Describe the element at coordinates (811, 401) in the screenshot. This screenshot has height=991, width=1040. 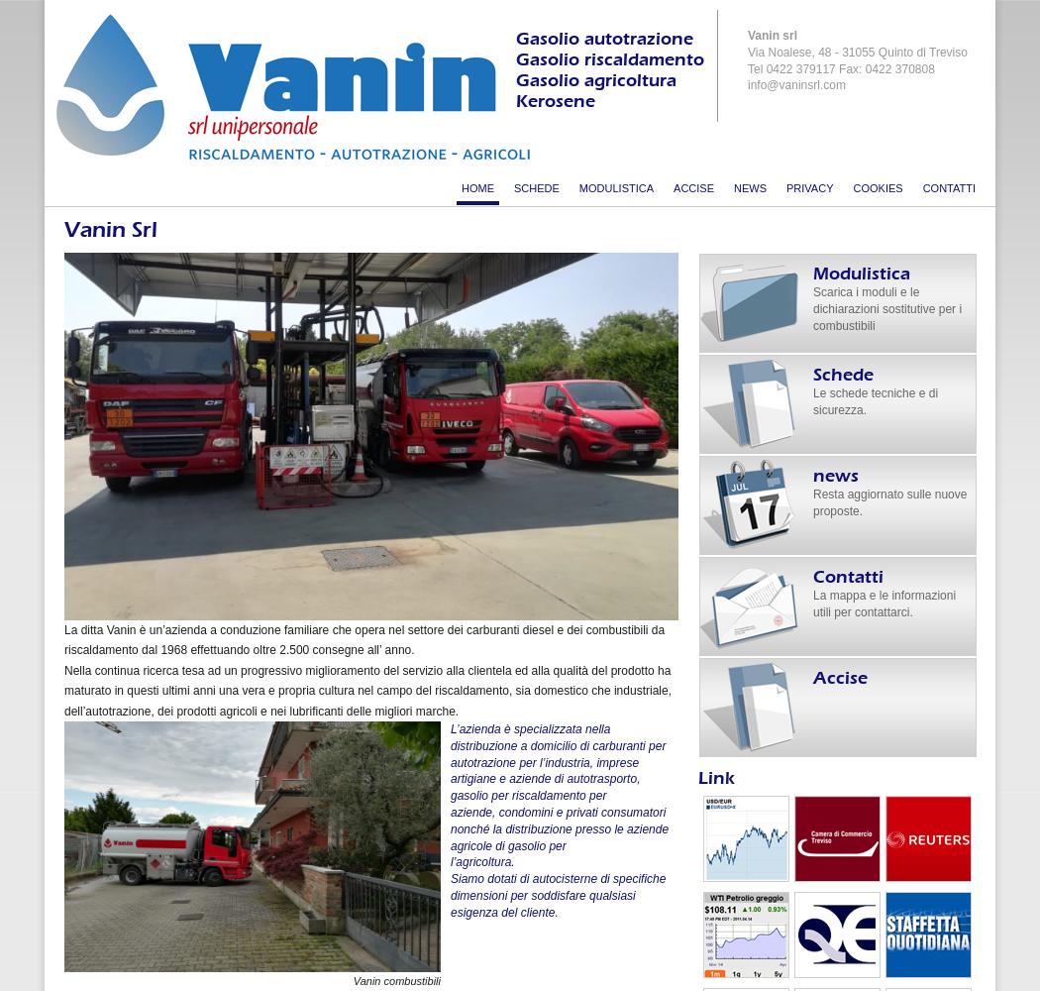
I see `'Le schede tecniche e di sicurezza.'` at that location.